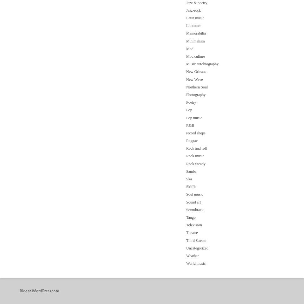  Describe the element at coordinates (193, 26) in the screenshot. I see `'Literature'` at that location.